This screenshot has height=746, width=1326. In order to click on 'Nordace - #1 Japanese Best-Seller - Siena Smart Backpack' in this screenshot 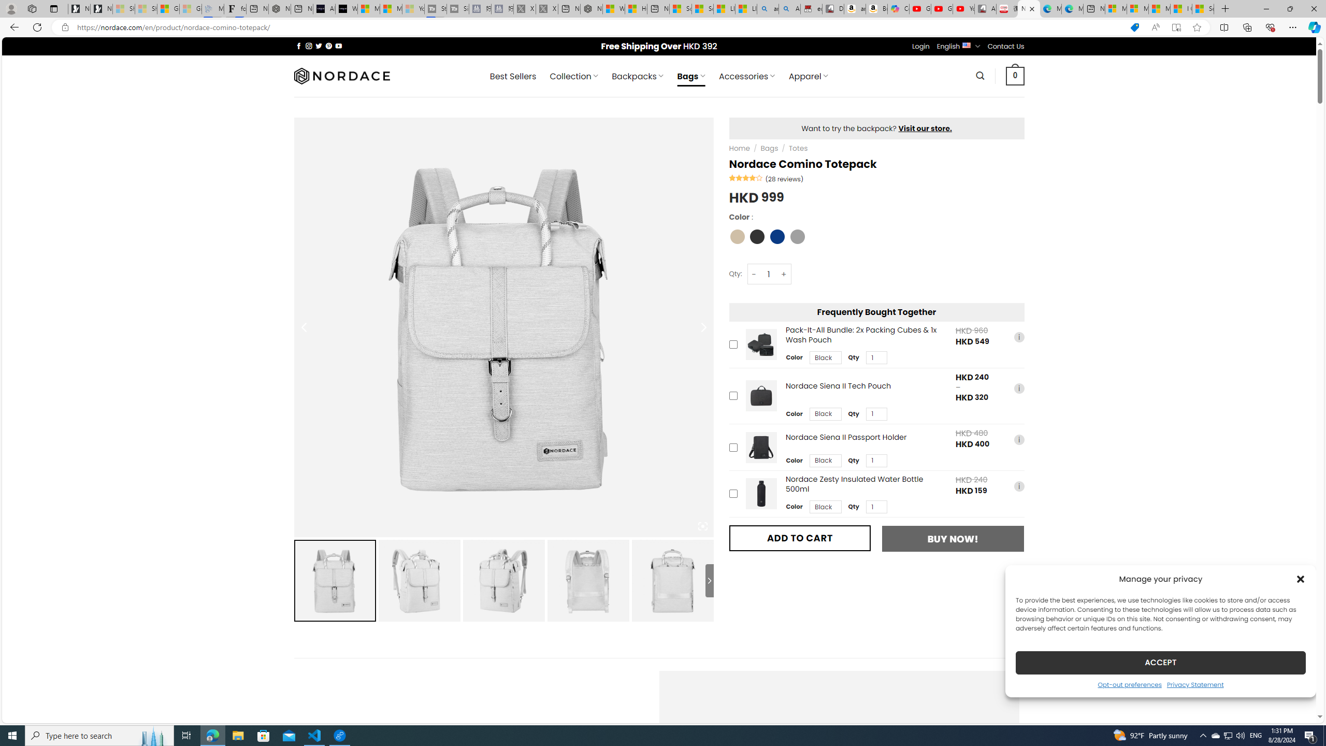, I will do `click(279, 8)`.